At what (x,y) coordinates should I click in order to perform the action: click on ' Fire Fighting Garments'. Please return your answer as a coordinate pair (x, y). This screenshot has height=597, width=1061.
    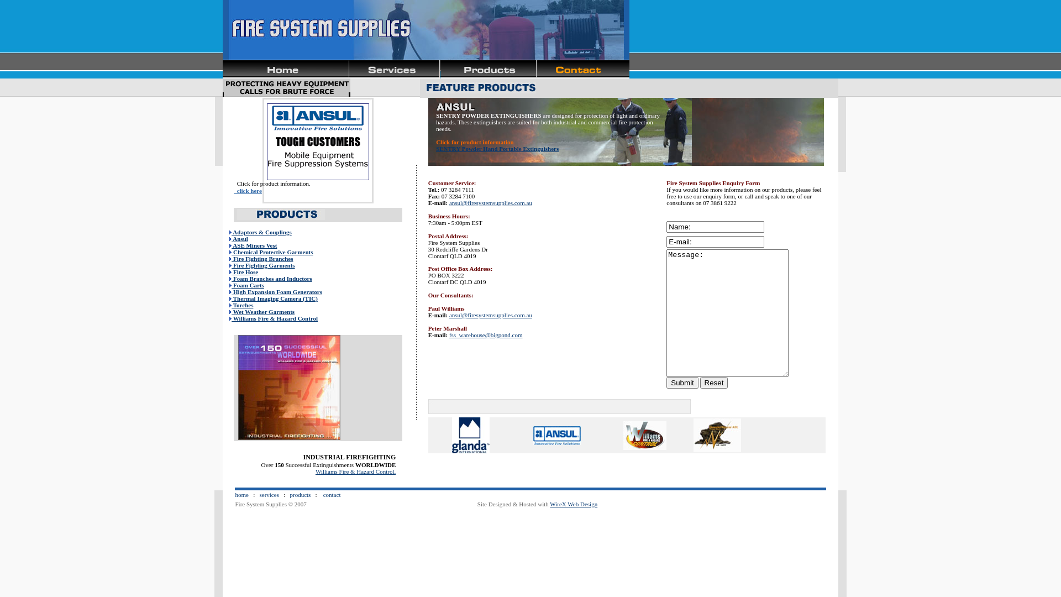
    Looking at the image, I should click on (261, 265).